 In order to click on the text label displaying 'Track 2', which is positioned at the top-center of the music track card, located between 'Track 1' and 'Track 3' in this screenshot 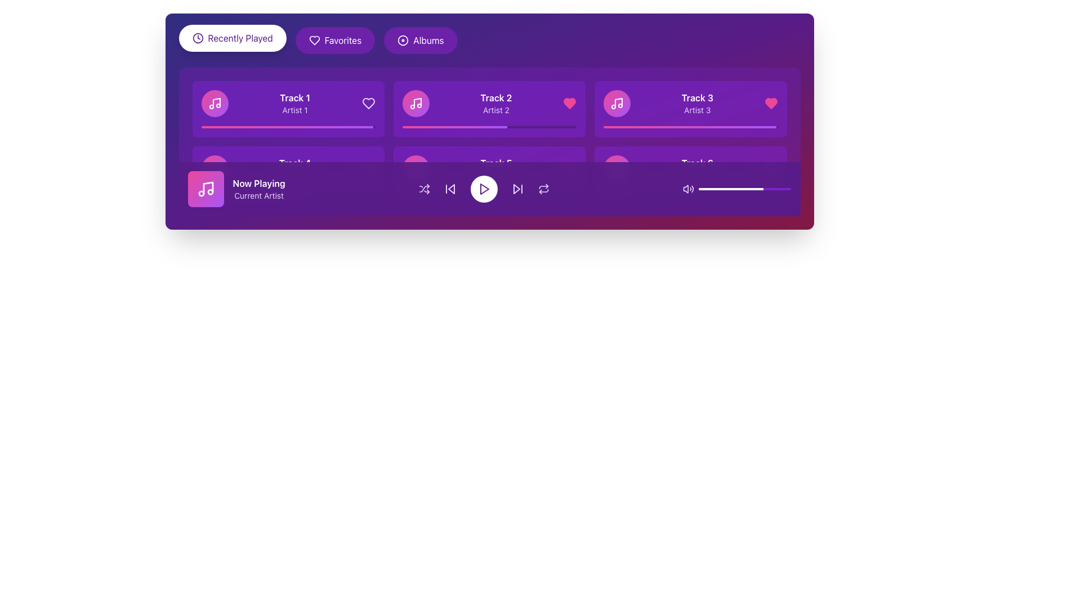, I will do `click(495, 97)`.